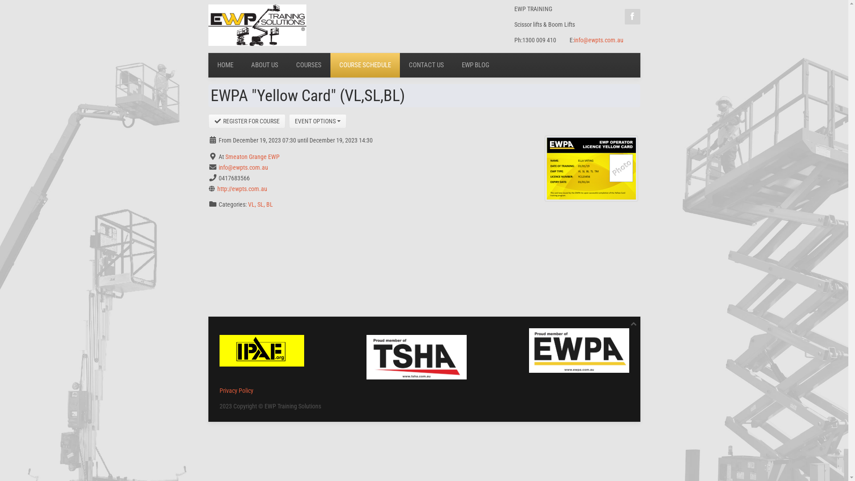 The height and width of the screenshot is (481, 855). I want to click on 'info@ewpts.com.au', so click(243, 167).